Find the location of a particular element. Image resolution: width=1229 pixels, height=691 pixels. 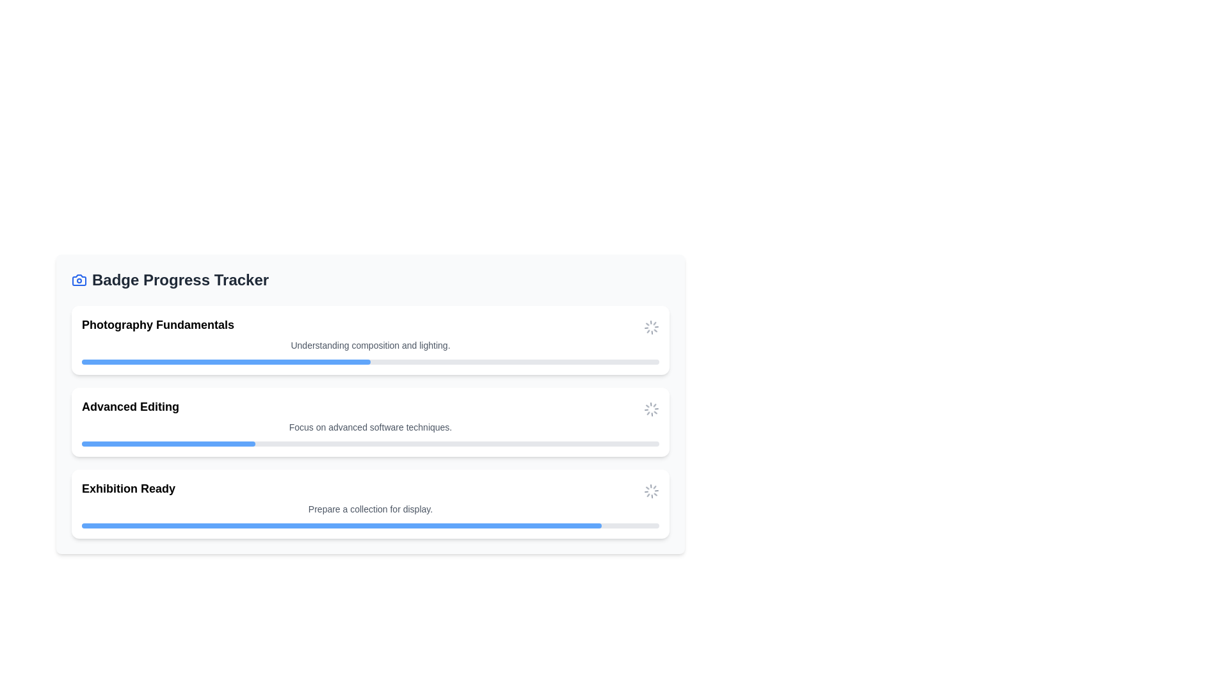

the blue progress bar segment indicating progress for 'Photography Fundamentals' in the 'Badge Progress Tracker' interface is located at coordinates (226, 362).